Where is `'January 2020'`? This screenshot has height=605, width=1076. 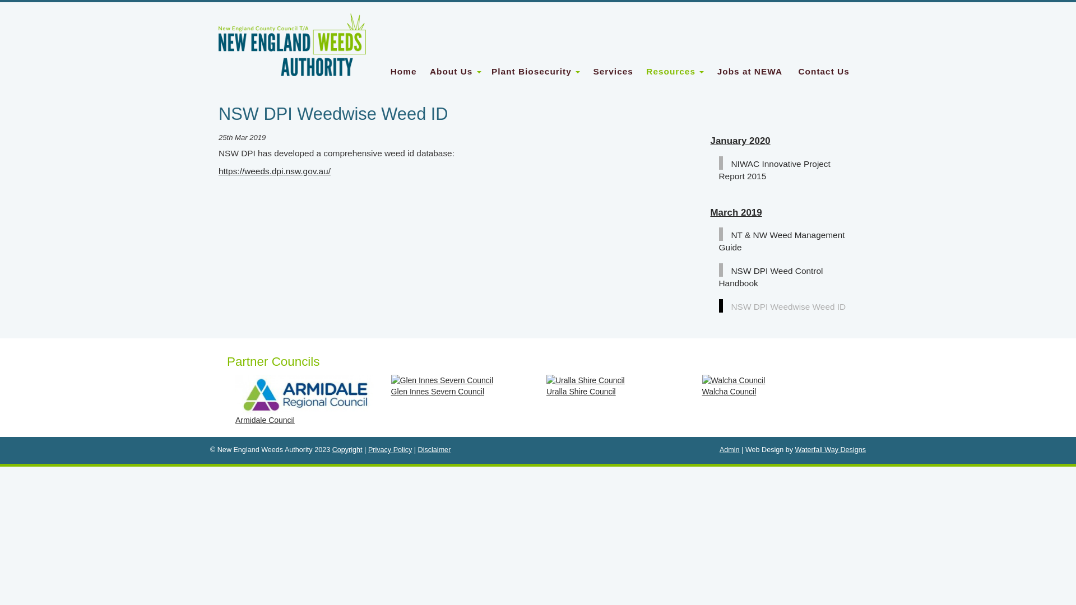
'January 2020' is located at coordinates (709, 140).